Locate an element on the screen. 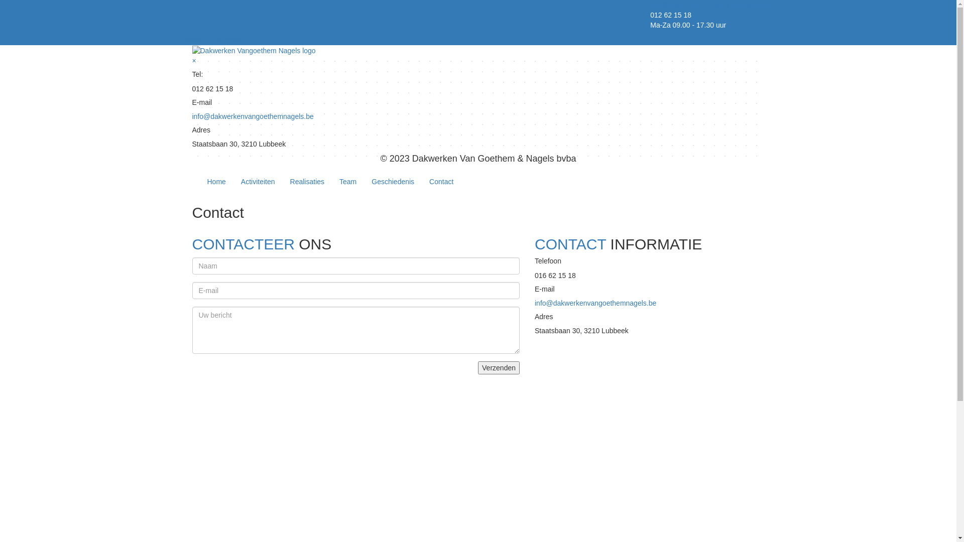  'Realisaties' is located at coordinates (306, 182).